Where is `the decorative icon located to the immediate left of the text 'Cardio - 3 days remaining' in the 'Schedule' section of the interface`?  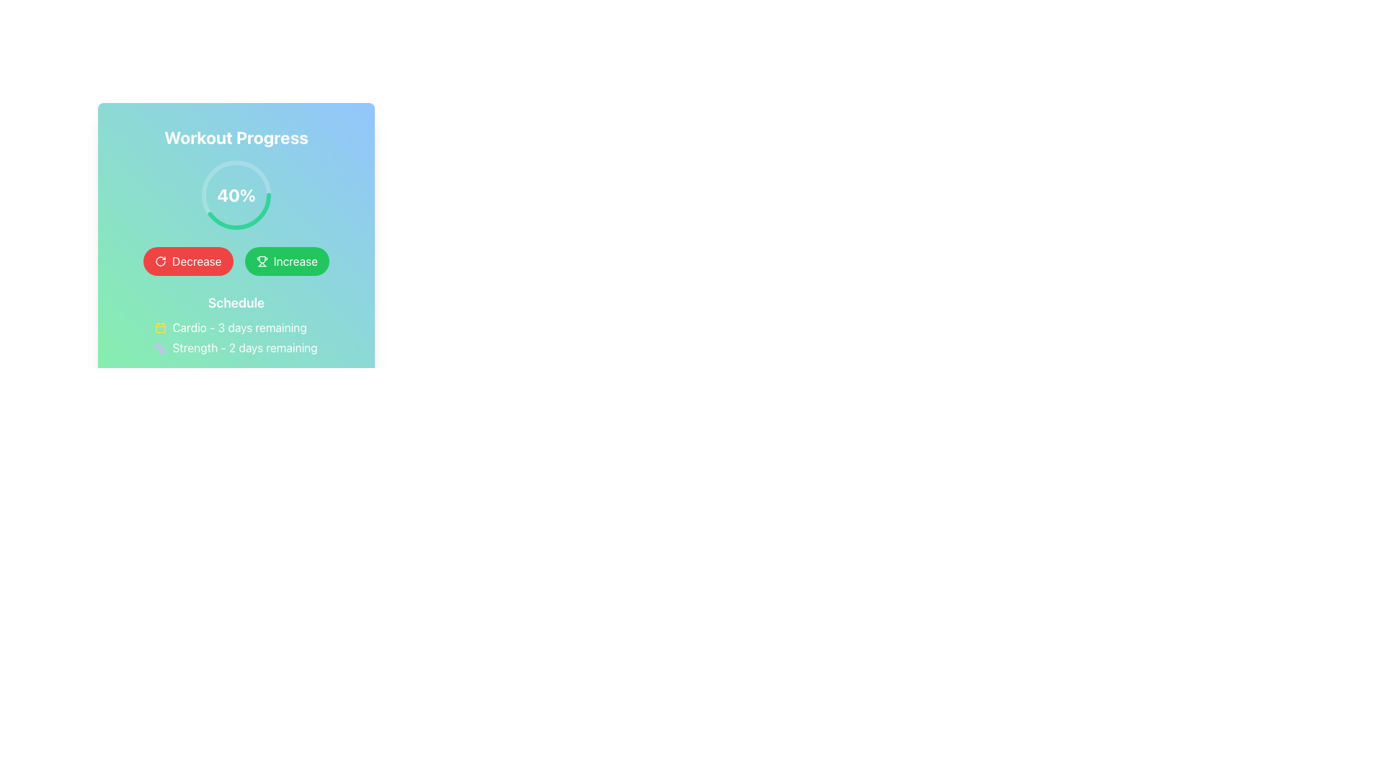 the decorative icon located to the immediate left of the text 'Cardio - 3 days remaining' in the 'Schedule' section of the interface is located at coordinates (161, 328).